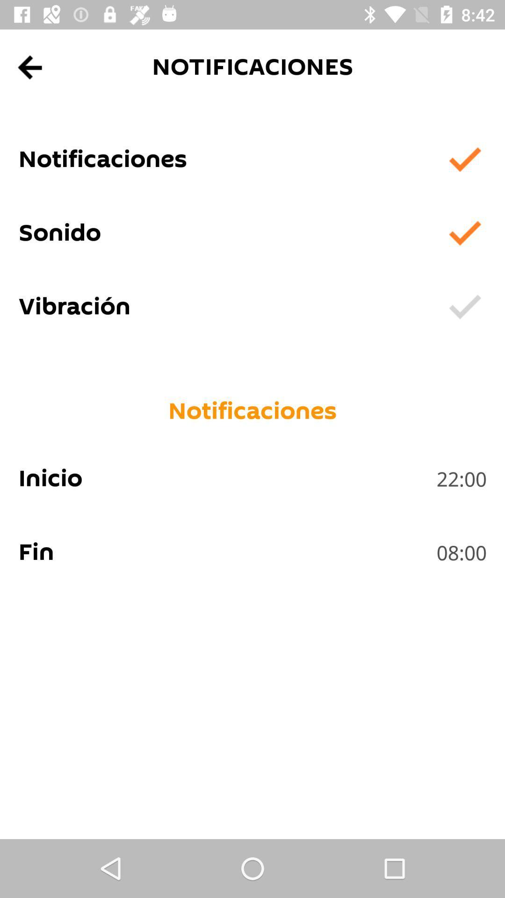 Image resolution: width=505 pixels, height=898 pixels. I want to click on the arrow_backward icon, so click(30, 67).